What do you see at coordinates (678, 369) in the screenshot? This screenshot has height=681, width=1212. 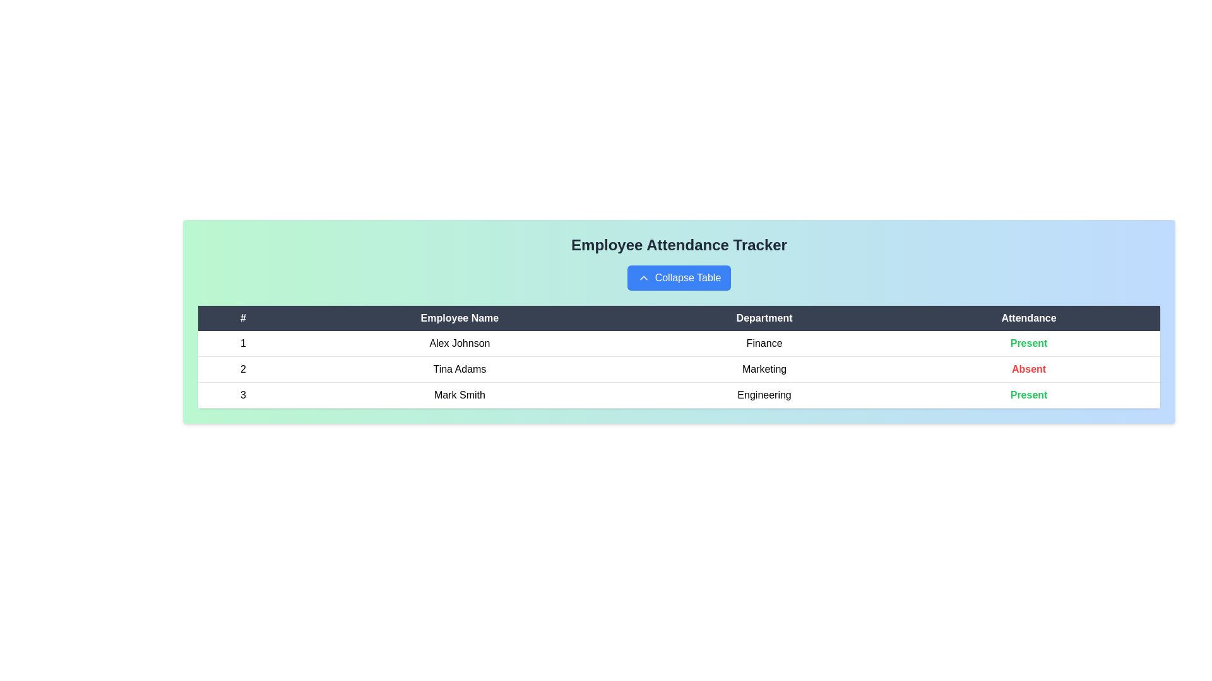 I see `the row corresponding to 2 to highlight it` at bounding box center [678, 369].